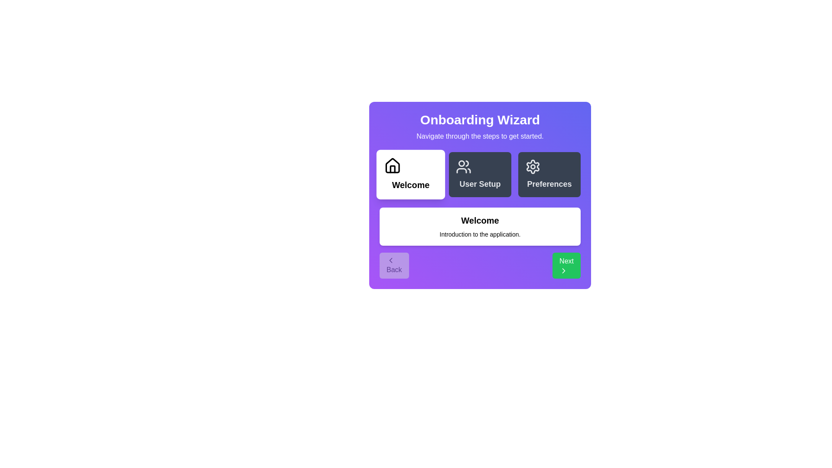 This screenshot has width=832, height=468. What do you see at coordinates (410, 174) in the screenshot?
I see `the step icon corresponding to Welcome to view its content` at bounding box center [410, 174].